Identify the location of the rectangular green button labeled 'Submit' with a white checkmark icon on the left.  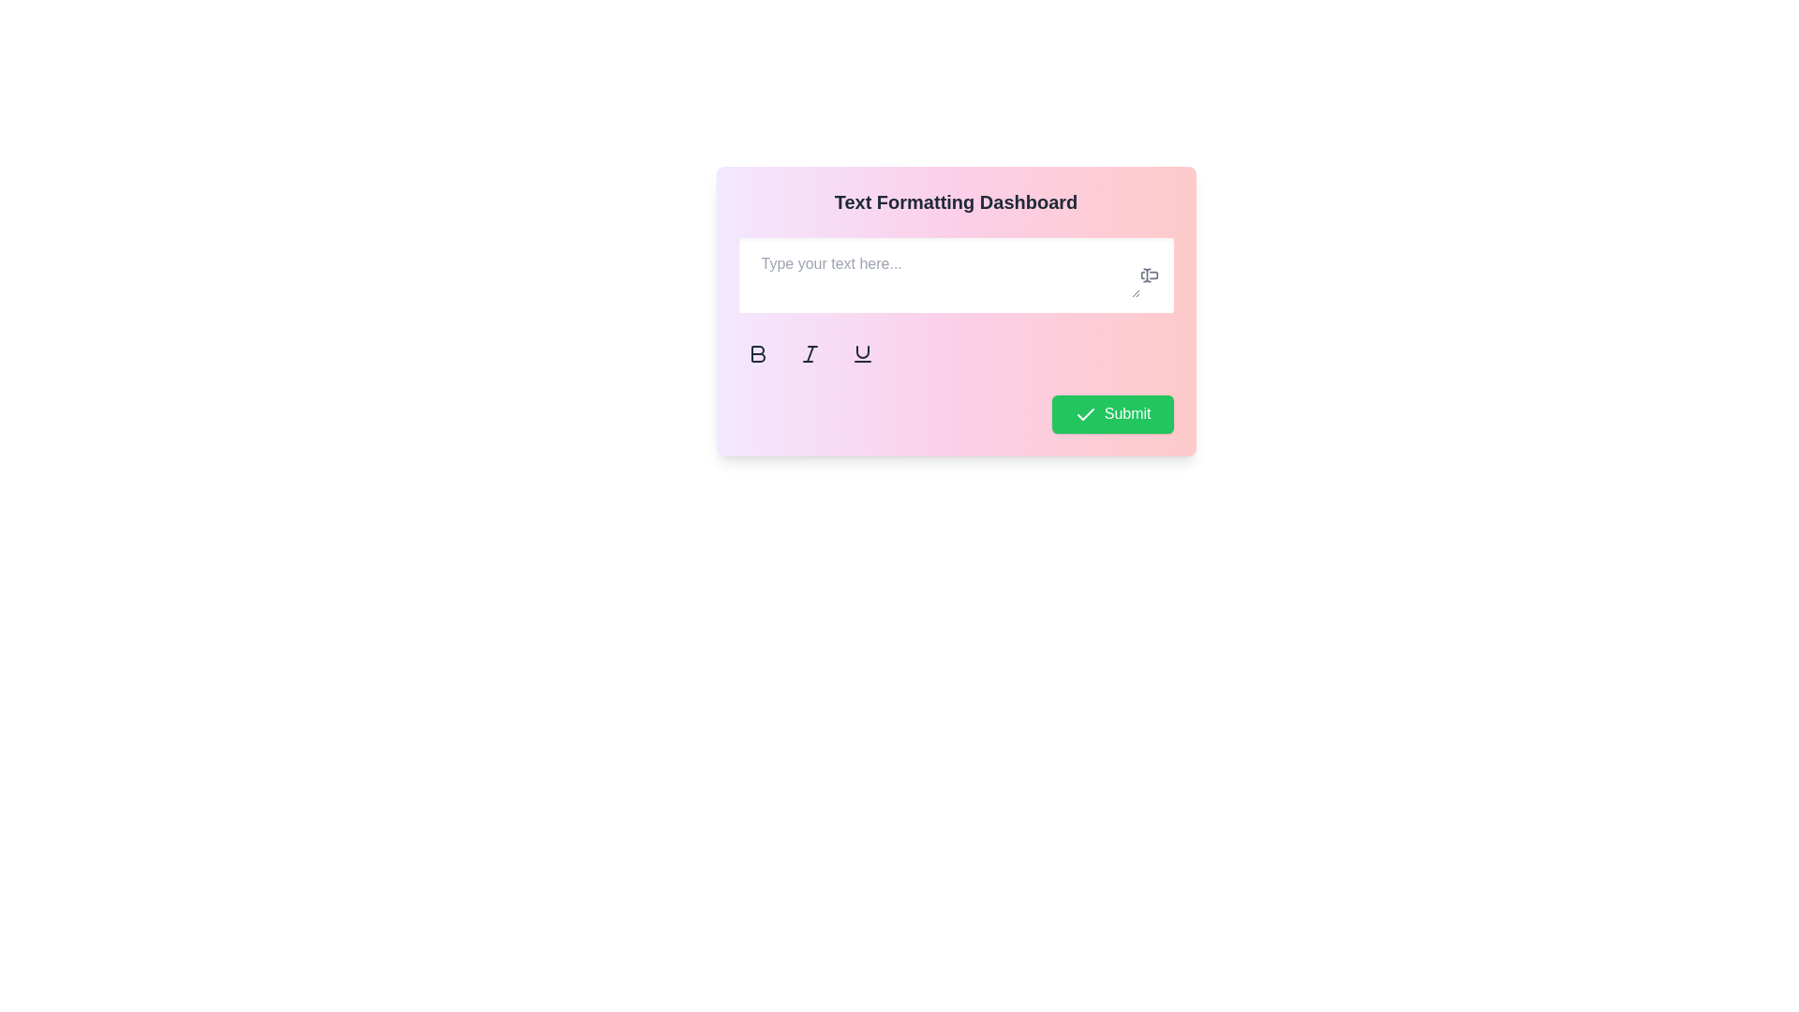
(1112, 413).